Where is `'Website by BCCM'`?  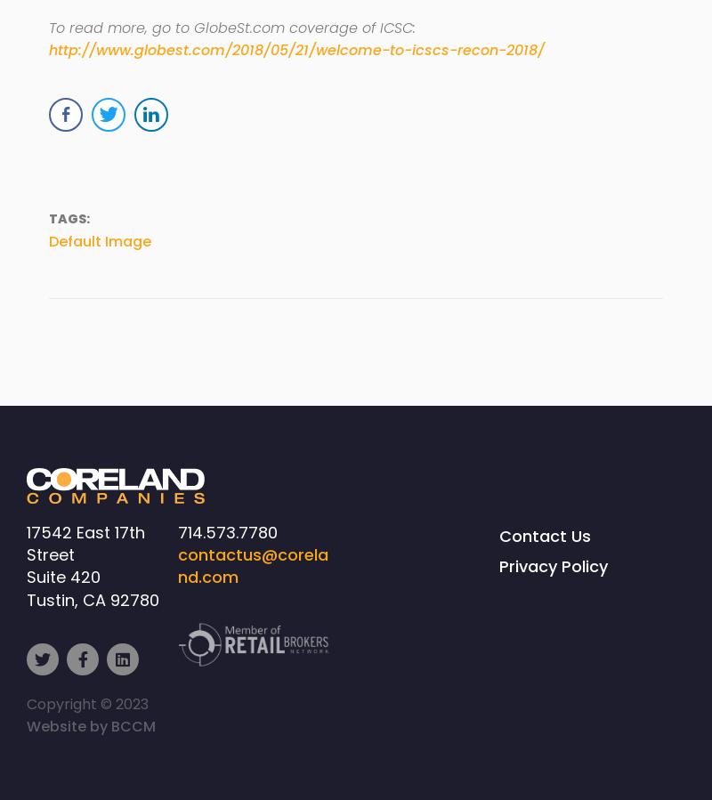 'Website by BCCM' is located at coordinates (90, 726).